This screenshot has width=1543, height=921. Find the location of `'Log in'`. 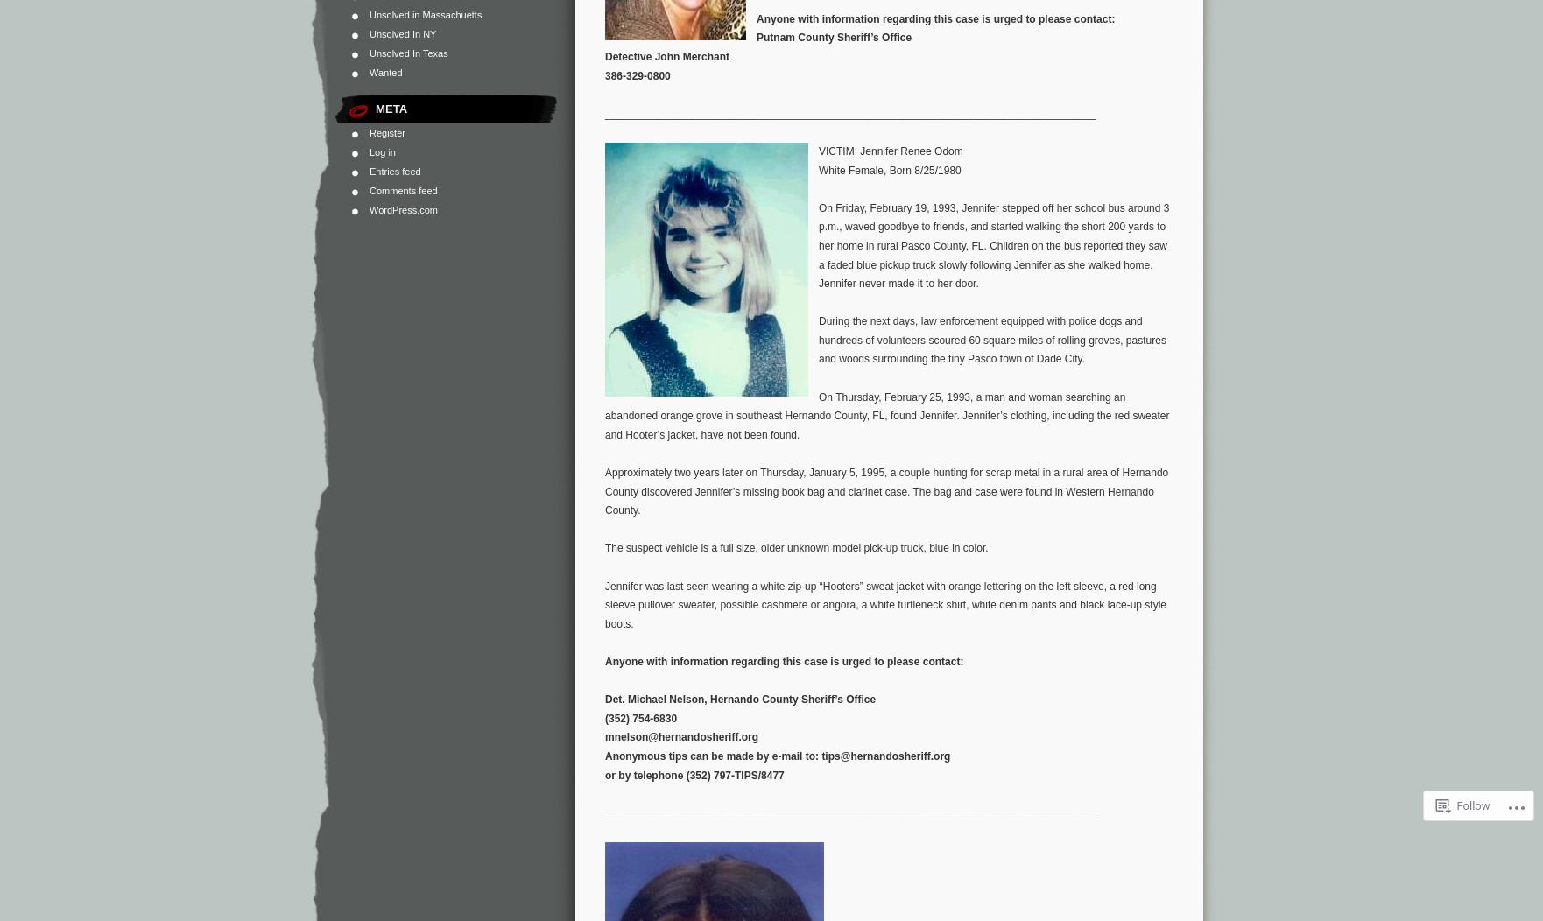

'Log in' is located at coordinates (382, 151).